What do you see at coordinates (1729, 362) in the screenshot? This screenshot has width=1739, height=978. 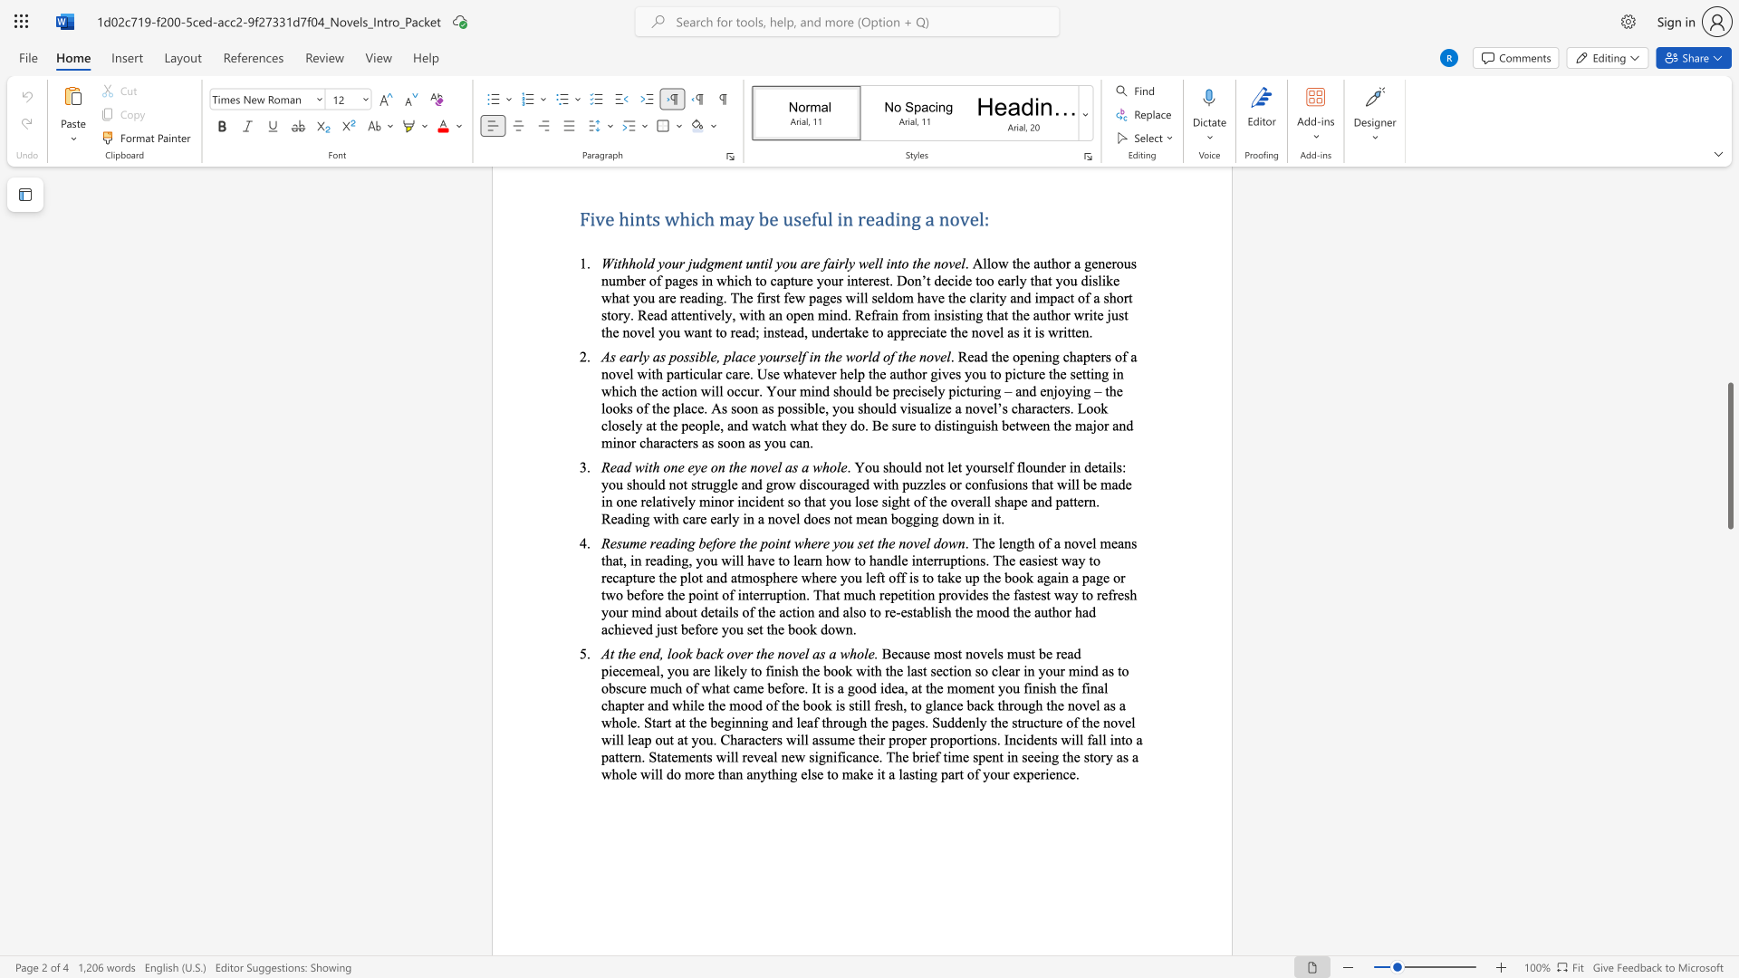 I see `the scrollbar to move the page up` at bounding box center [1729, 362].